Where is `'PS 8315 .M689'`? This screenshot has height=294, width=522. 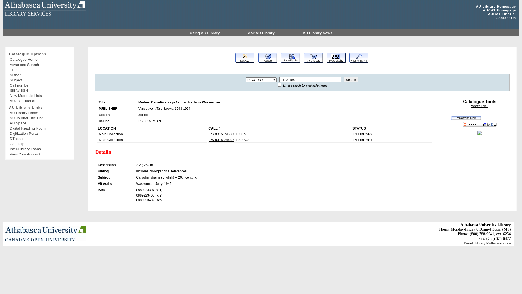 'PS 8315 .M689' is located at coordinates (221, 139).